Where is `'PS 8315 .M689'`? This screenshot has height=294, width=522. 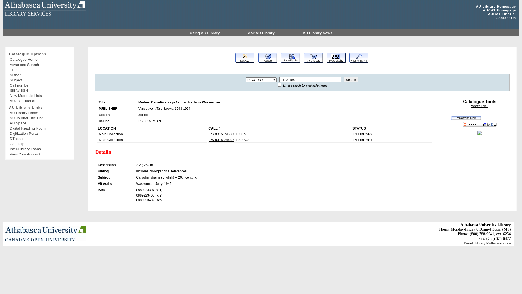 'PS 8315 .M689' is located at coordinates (221, 139).